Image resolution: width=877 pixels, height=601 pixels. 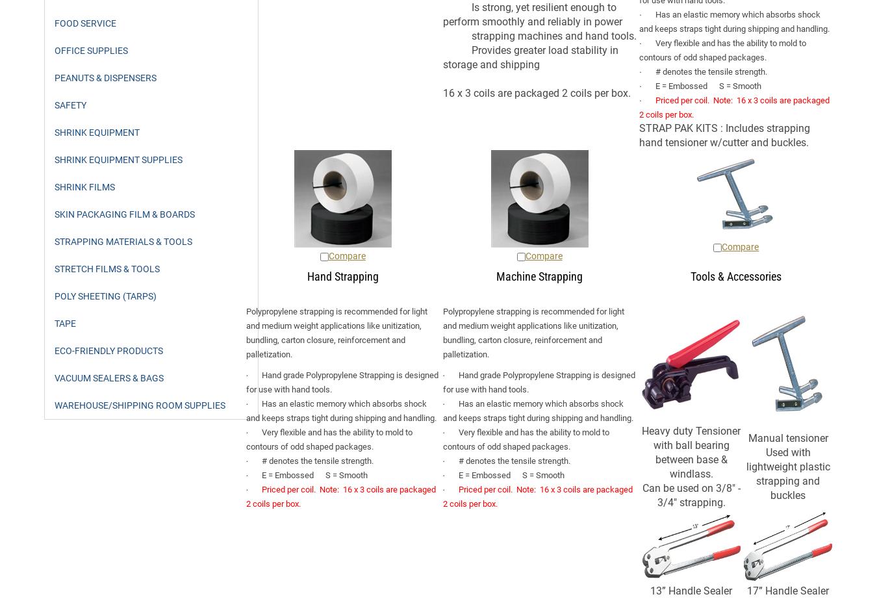 What do you see at coordinates (342, 275) in the screenshot?
I see `'Hand Strapping'` at bounding box center [342, 275].